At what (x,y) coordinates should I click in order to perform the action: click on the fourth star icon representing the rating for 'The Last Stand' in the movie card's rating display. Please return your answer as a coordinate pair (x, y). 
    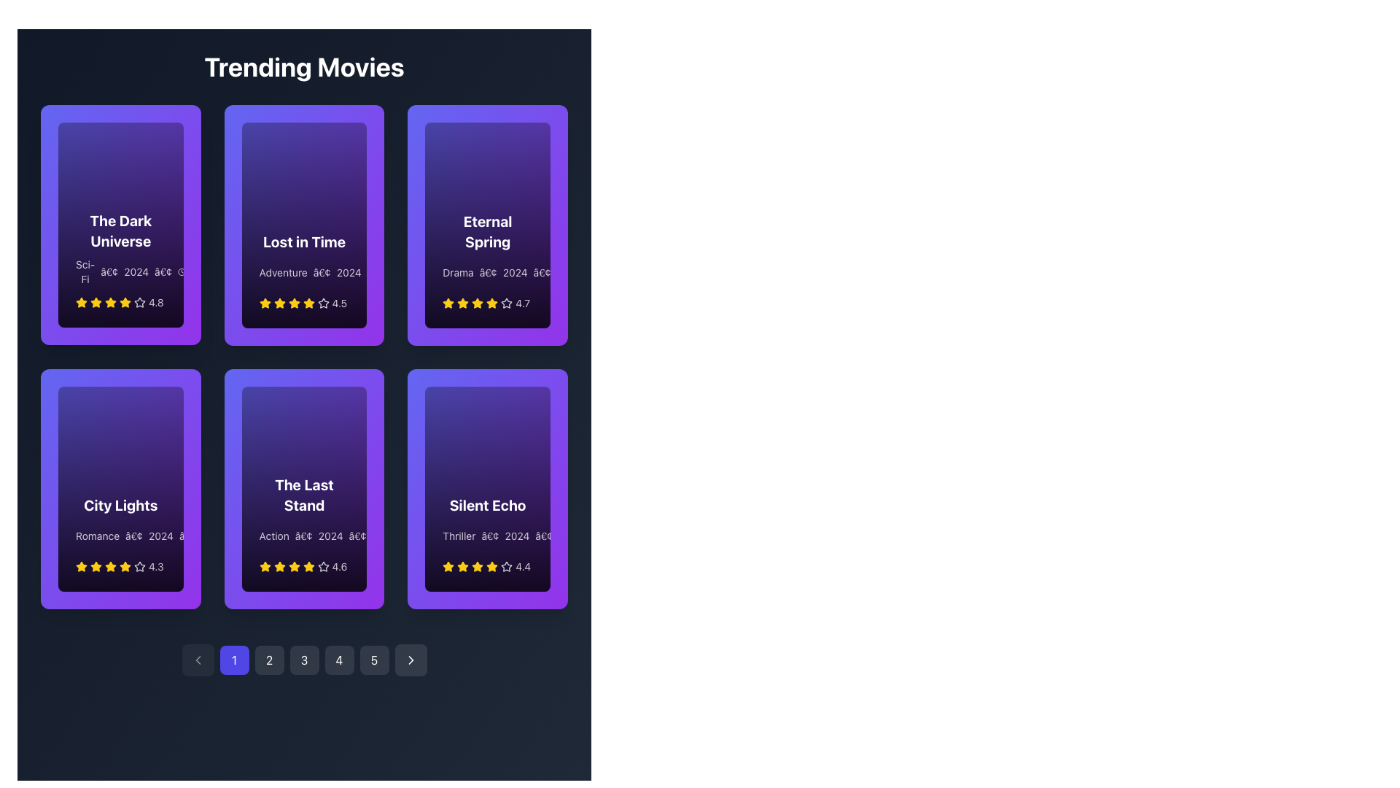
    Looking at the image, I should click on (308, 565).